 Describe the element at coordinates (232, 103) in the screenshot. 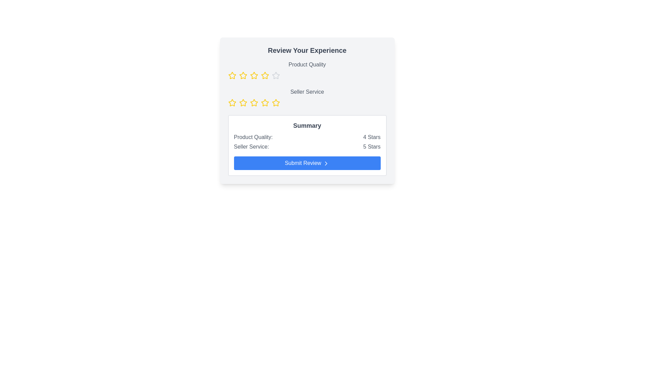

I see `the first rating star in the 'Seller Service' section` at that location.